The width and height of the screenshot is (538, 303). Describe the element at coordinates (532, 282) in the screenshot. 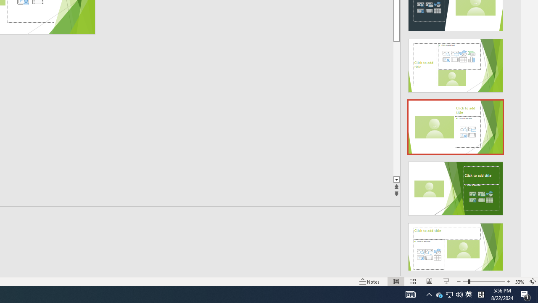

I see `'Zoom to Fit '` at that location.